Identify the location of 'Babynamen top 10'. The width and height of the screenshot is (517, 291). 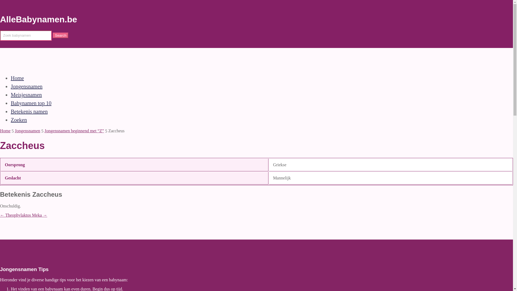
(31, 103).